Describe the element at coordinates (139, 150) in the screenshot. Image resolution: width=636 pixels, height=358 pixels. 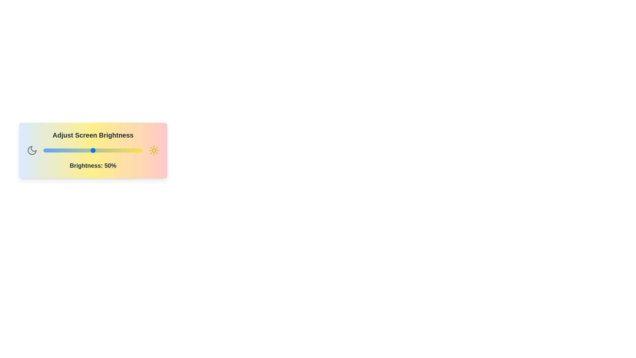
I see `the brightness slider to set the brightness to 97%` at that location.